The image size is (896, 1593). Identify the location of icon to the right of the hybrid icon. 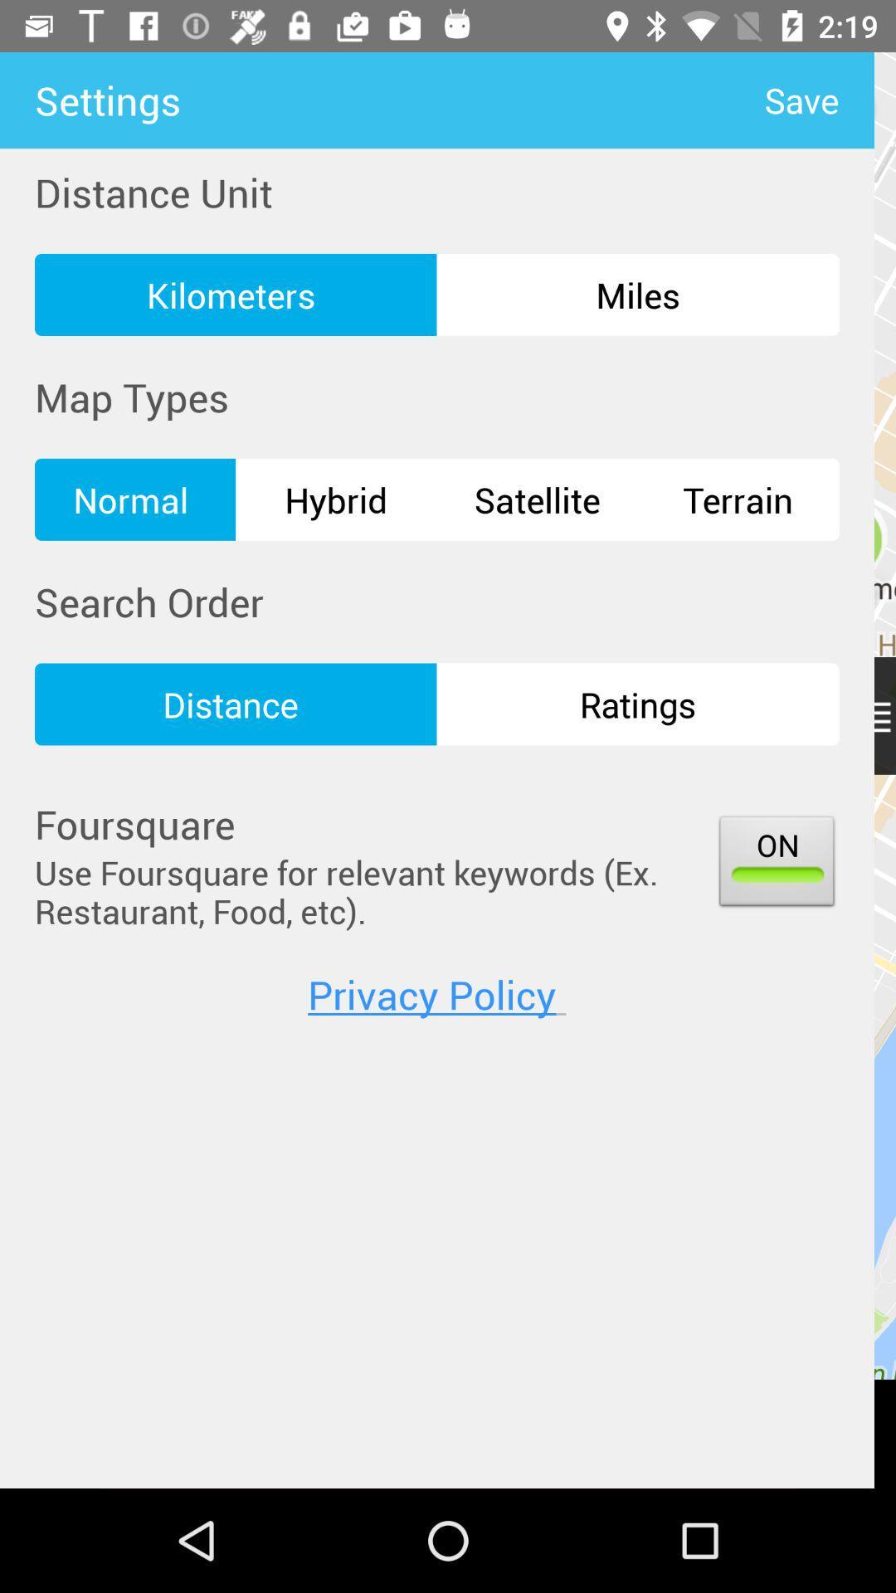
(537, 499).